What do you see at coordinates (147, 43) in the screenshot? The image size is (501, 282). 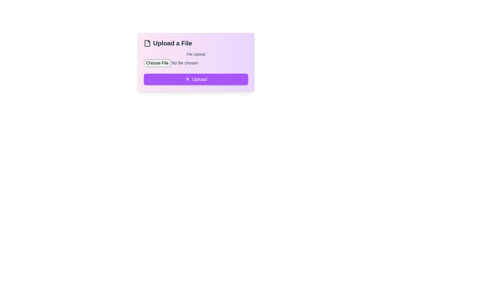 I see `the document/file icon located at the top left of the card component, adjacent to the 'Upload a File' header` at bounding box center [147, 43].